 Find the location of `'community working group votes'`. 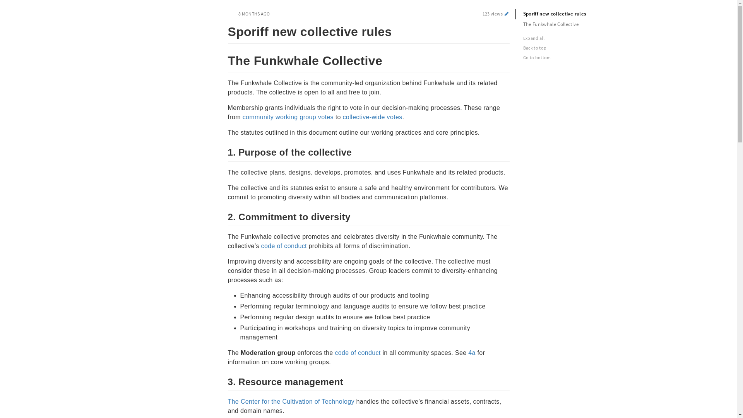

'community working group votes' is located at coordinates (288, 117).